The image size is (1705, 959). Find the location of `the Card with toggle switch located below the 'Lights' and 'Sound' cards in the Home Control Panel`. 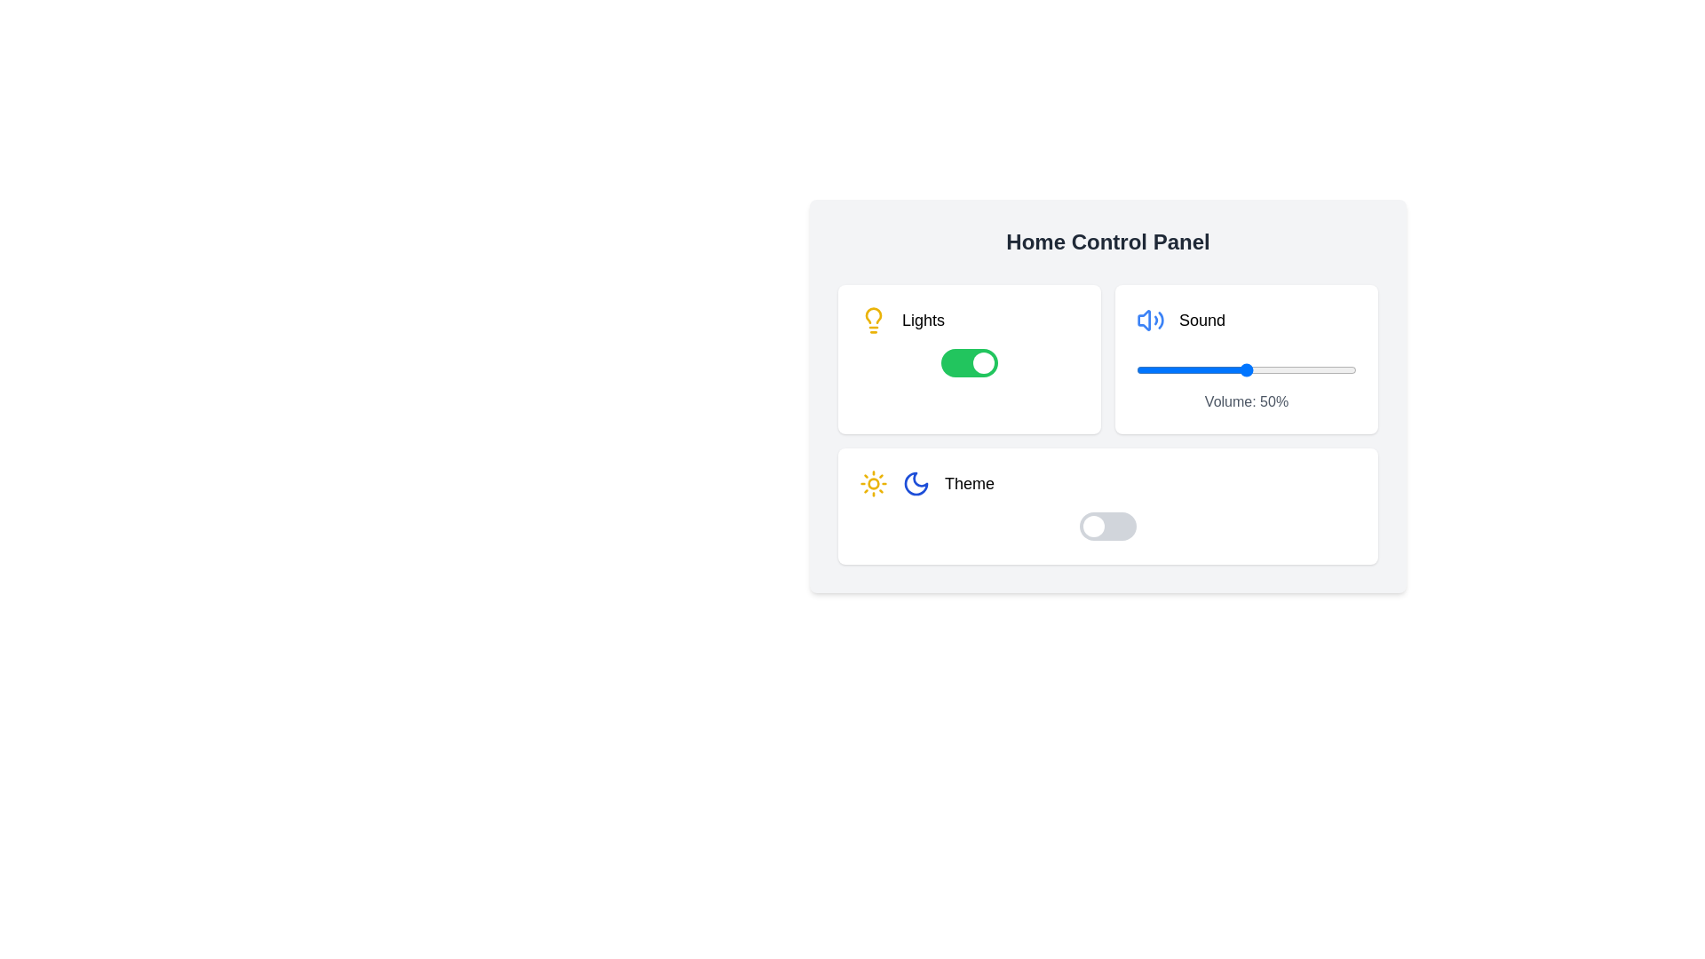

the Card with toggle switch located below the 'Lights' and 'Sound' cards in the Home Control Panel is located at coordinates (1107, 506).